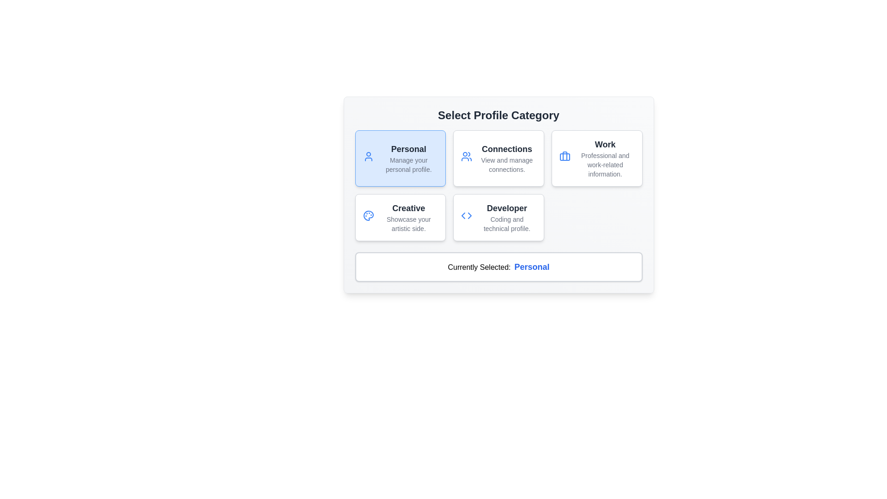 The image size is (887, 499). What do you see at coordinates (368, 217) in the screenshot?
I see `the 'Creative' Icon, which is centrally located in the second row of options to help users identify and navigate to this category effectively` at bounding box center [368, 217].